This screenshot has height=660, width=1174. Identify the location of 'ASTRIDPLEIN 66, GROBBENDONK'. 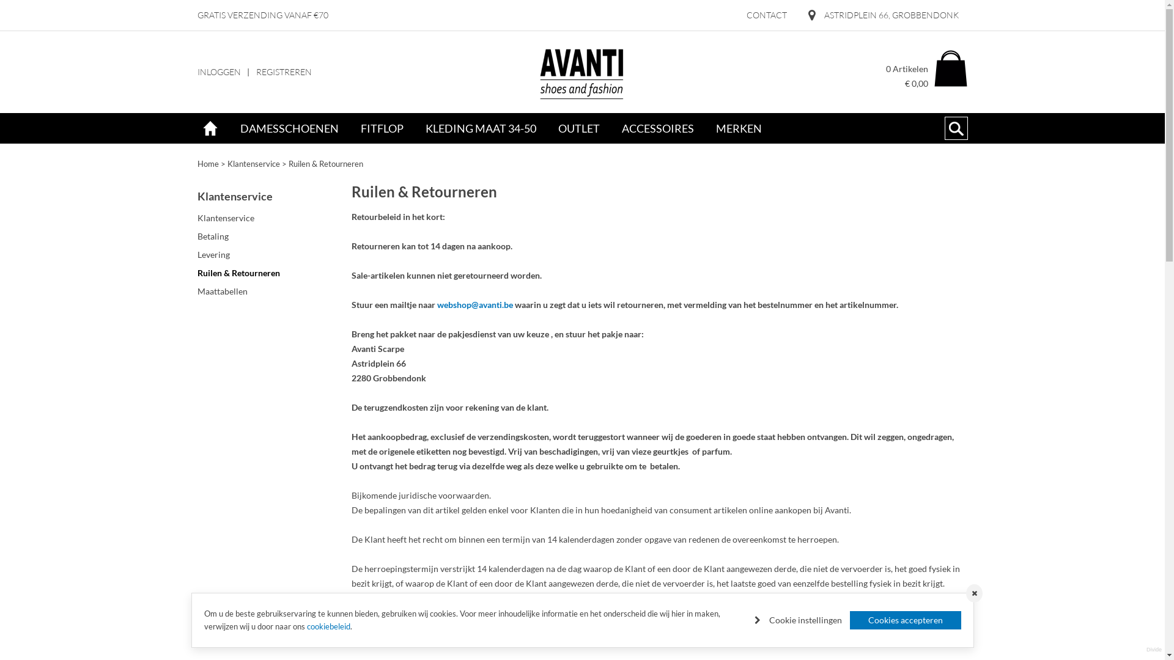
(883, 15).